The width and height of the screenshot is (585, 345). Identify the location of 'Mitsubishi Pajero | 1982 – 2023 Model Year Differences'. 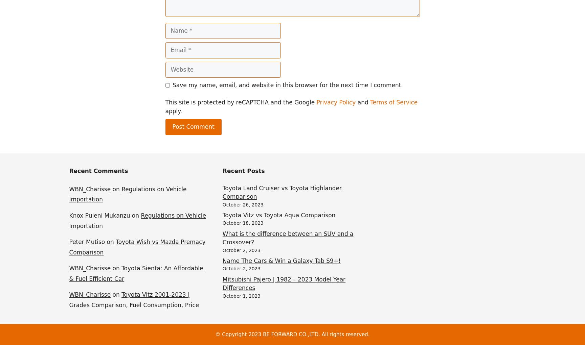
(222, 283).